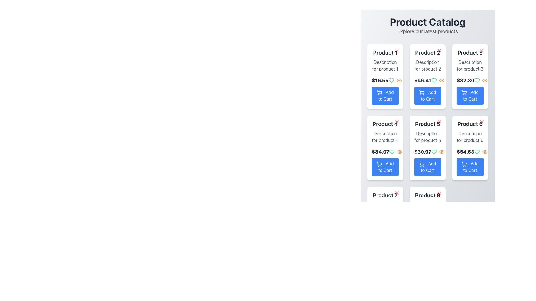 The image size is (536, 301). What do you see at coordinates (427, 219) in the screenshot?
I see `the 'Add to Cart' button on the 'Product 8' card, which is located at the bottom of the product card displaying the title, description, and price` at bounding box center [427, 219].